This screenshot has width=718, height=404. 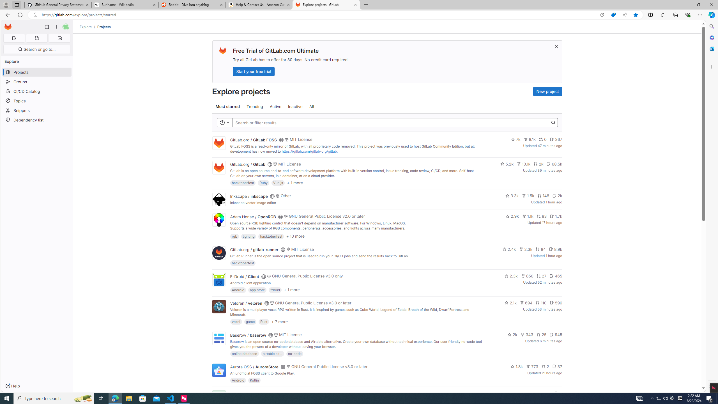 What do you see at coordinates (541, 334) in the screenshot?
I see `'25'` at bounding box center [541, 334].